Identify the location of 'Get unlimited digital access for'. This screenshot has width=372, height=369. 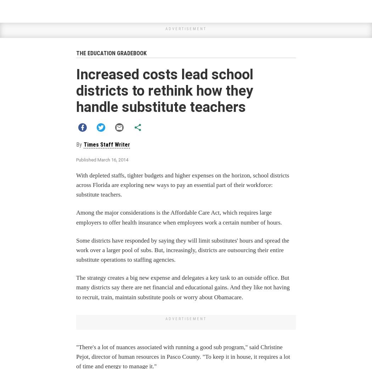
(183, 134).